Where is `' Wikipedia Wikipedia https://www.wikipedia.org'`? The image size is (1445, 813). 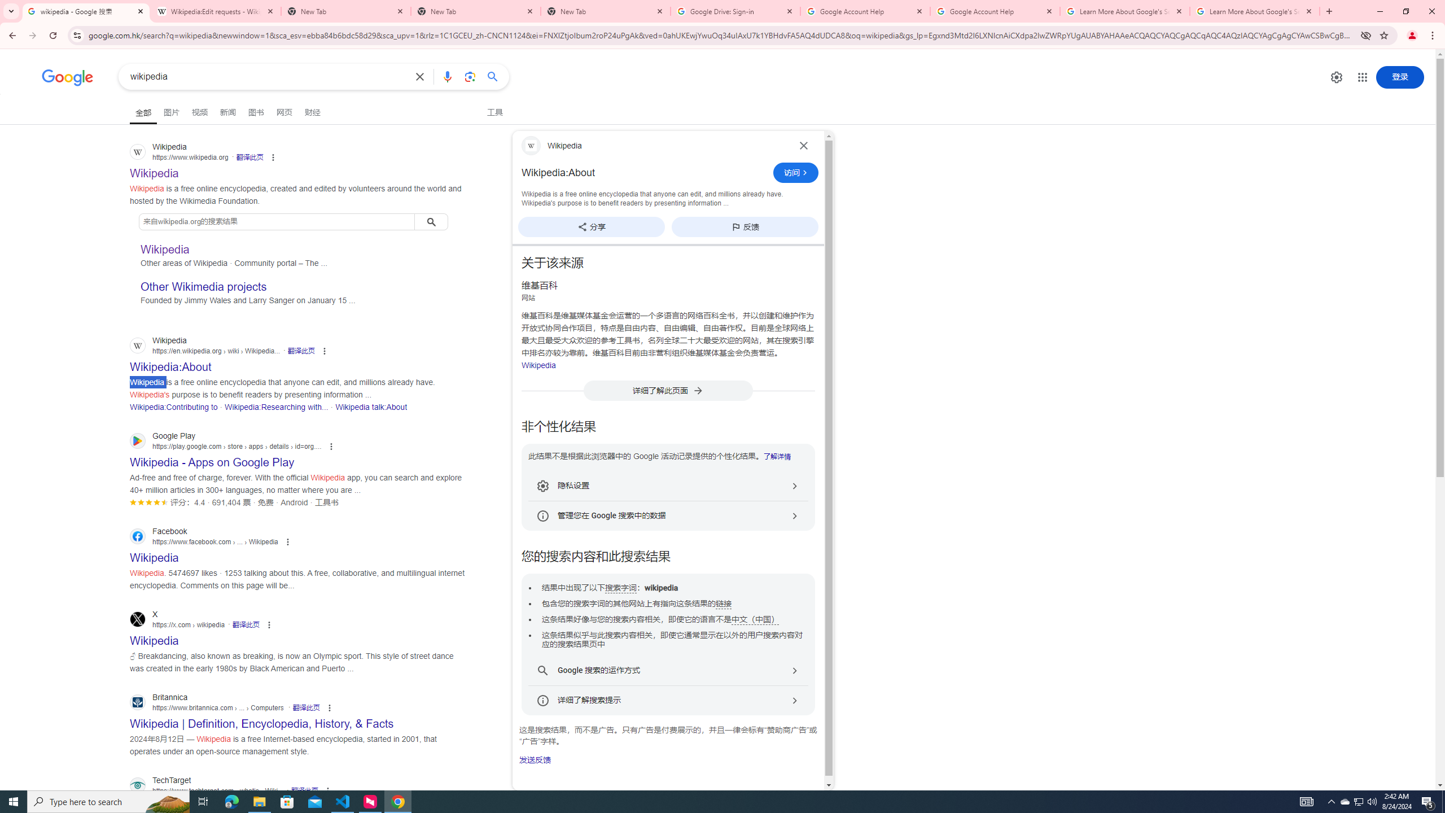
' Wikipedia Wikipedia https://www.wikipedia.org' is located at coordinates (154, 169).